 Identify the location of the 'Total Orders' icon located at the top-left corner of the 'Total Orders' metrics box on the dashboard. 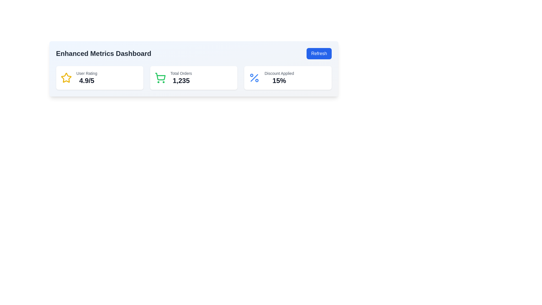
(160, 78).